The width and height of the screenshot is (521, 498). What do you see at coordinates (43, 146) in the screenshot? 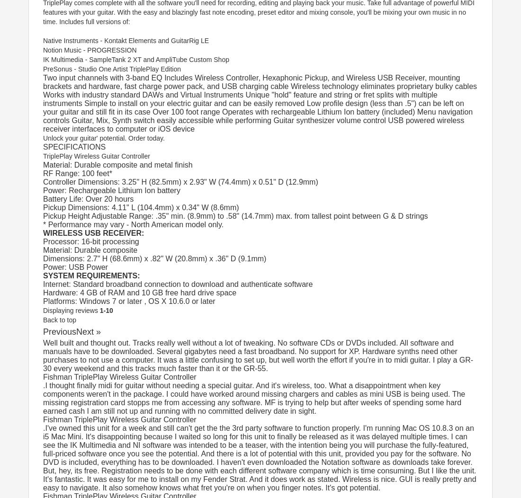
I see `'SPECIFICATIONS'` at bounding box center [43, 146].